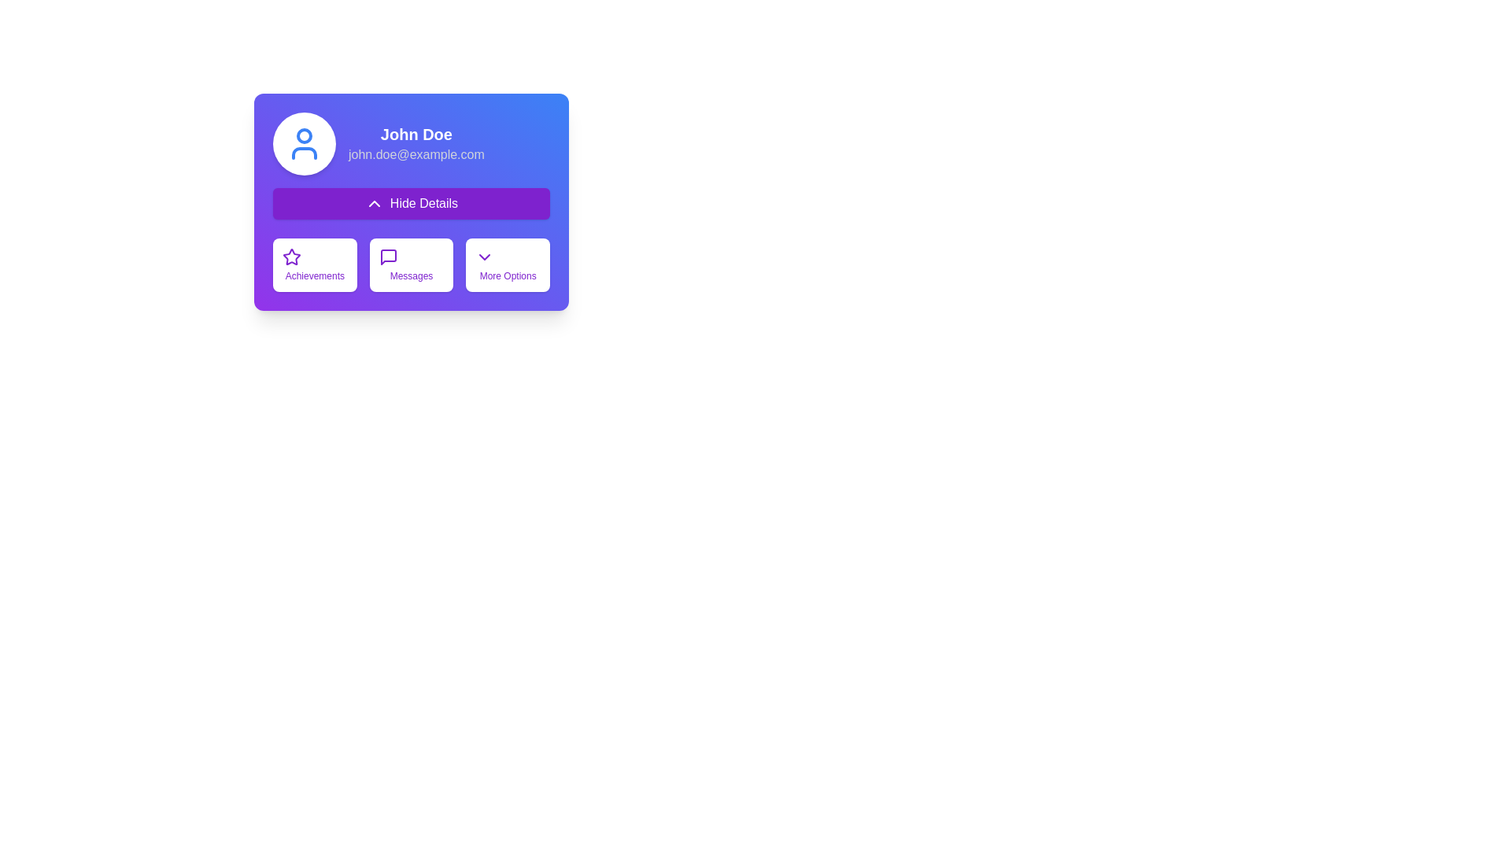  I want to click on properties of the 'Messages' icon, located in the middle of the bottom row of buttons, specifically the second button from the left, so click(388, 257).